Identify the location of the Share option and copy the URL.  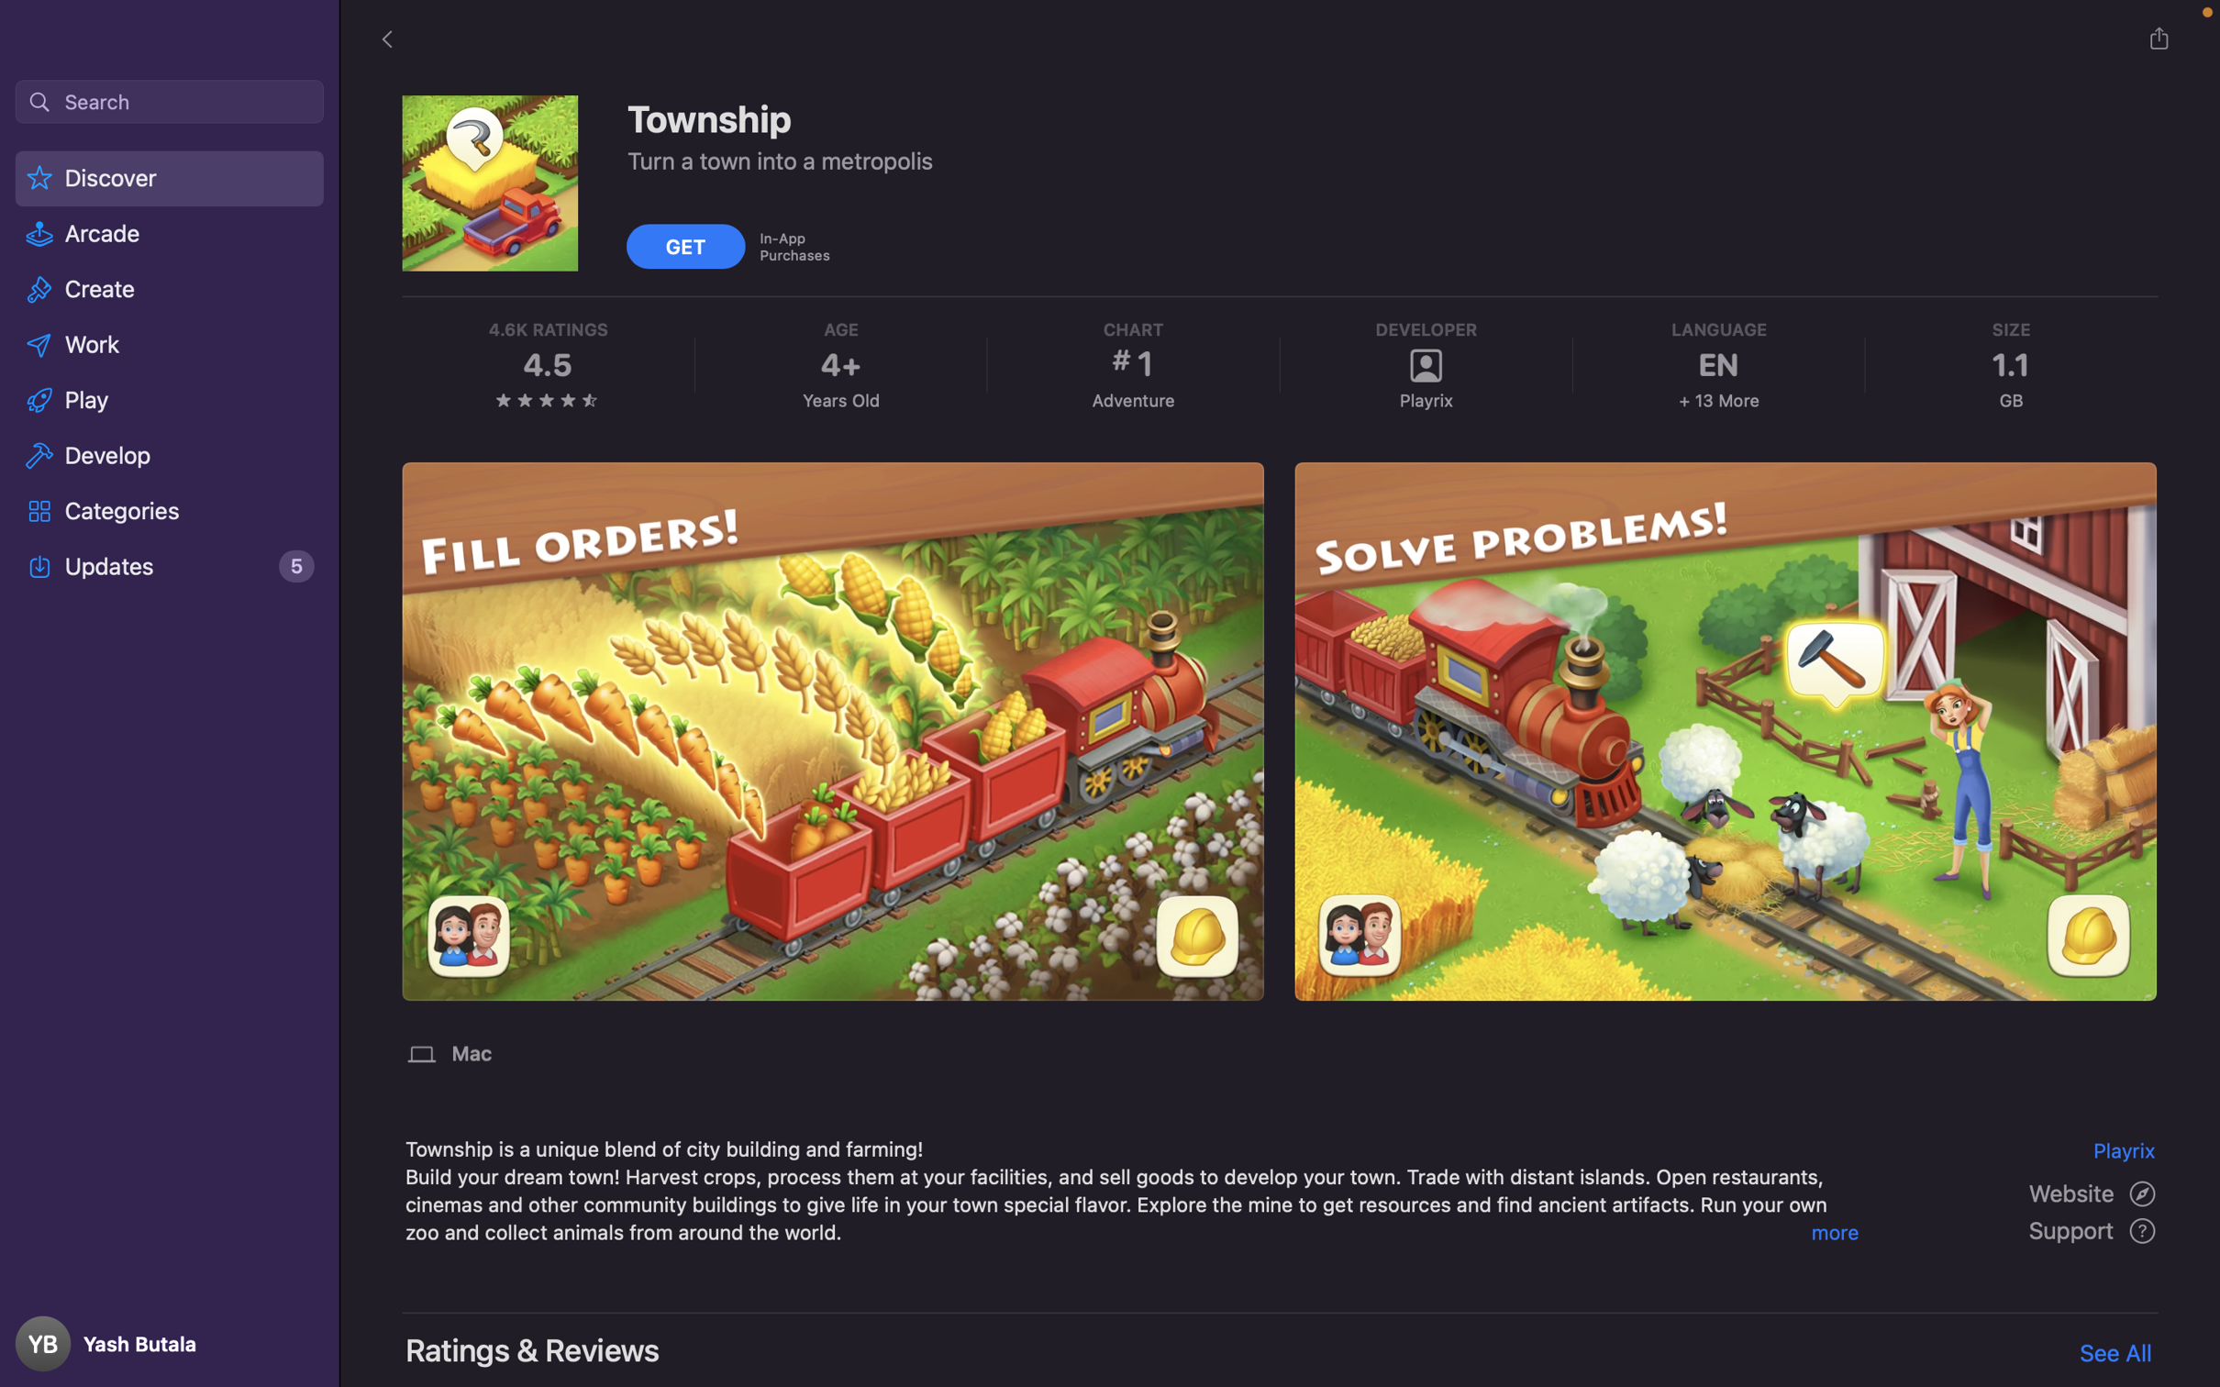
(2158, 38).